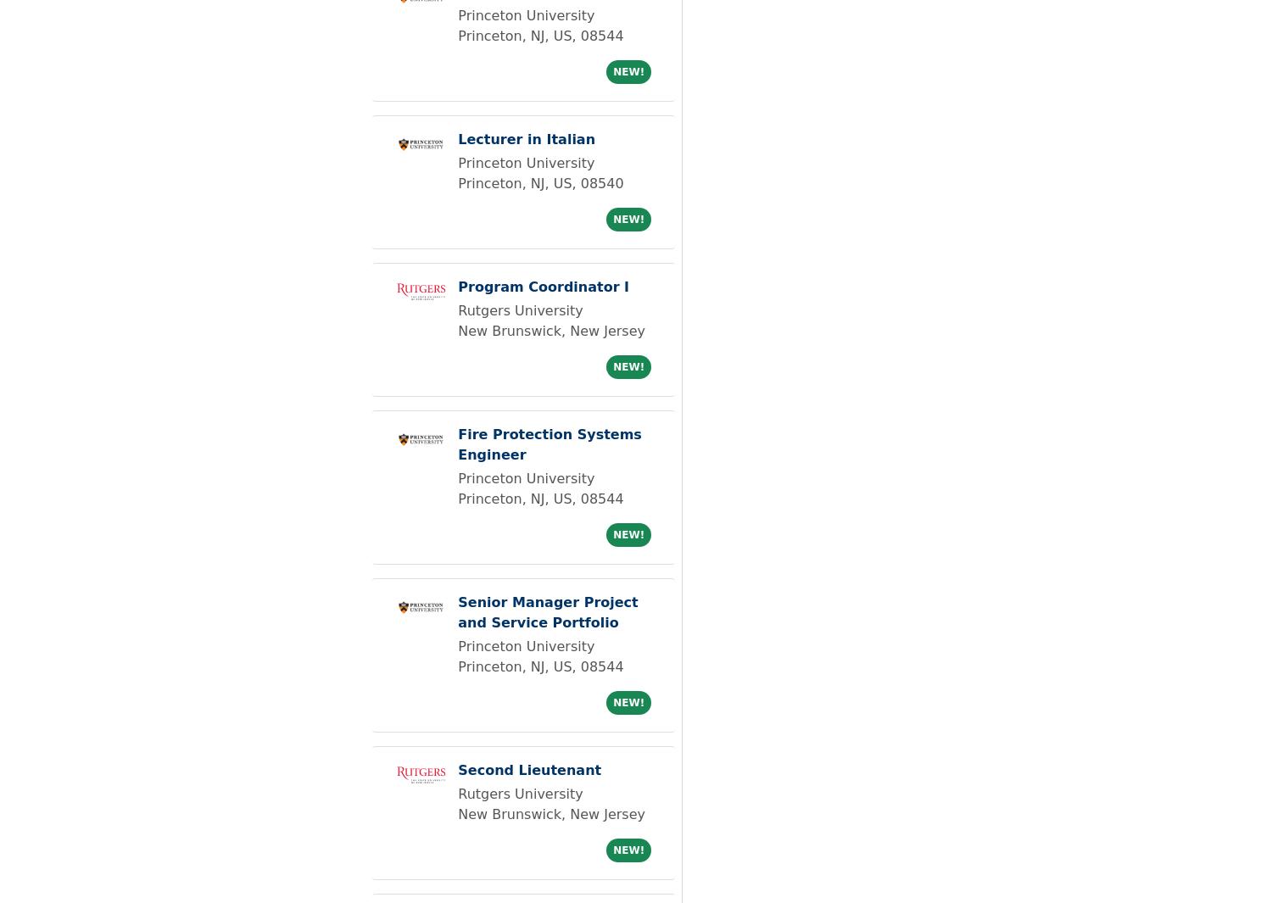 The height and width of the screenshot is (903, 1272). Describe the element at coordinates (458, 612) in the screenshot. I see `'Senior Manager Project and Service Portfolio'` at that location.